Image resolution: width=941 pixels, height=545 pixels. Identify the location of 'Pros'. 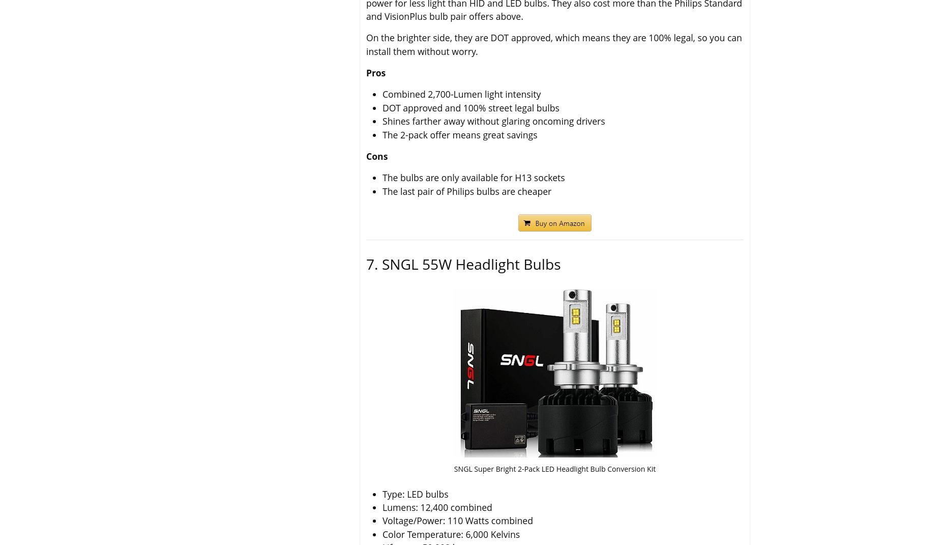
(376, 72).